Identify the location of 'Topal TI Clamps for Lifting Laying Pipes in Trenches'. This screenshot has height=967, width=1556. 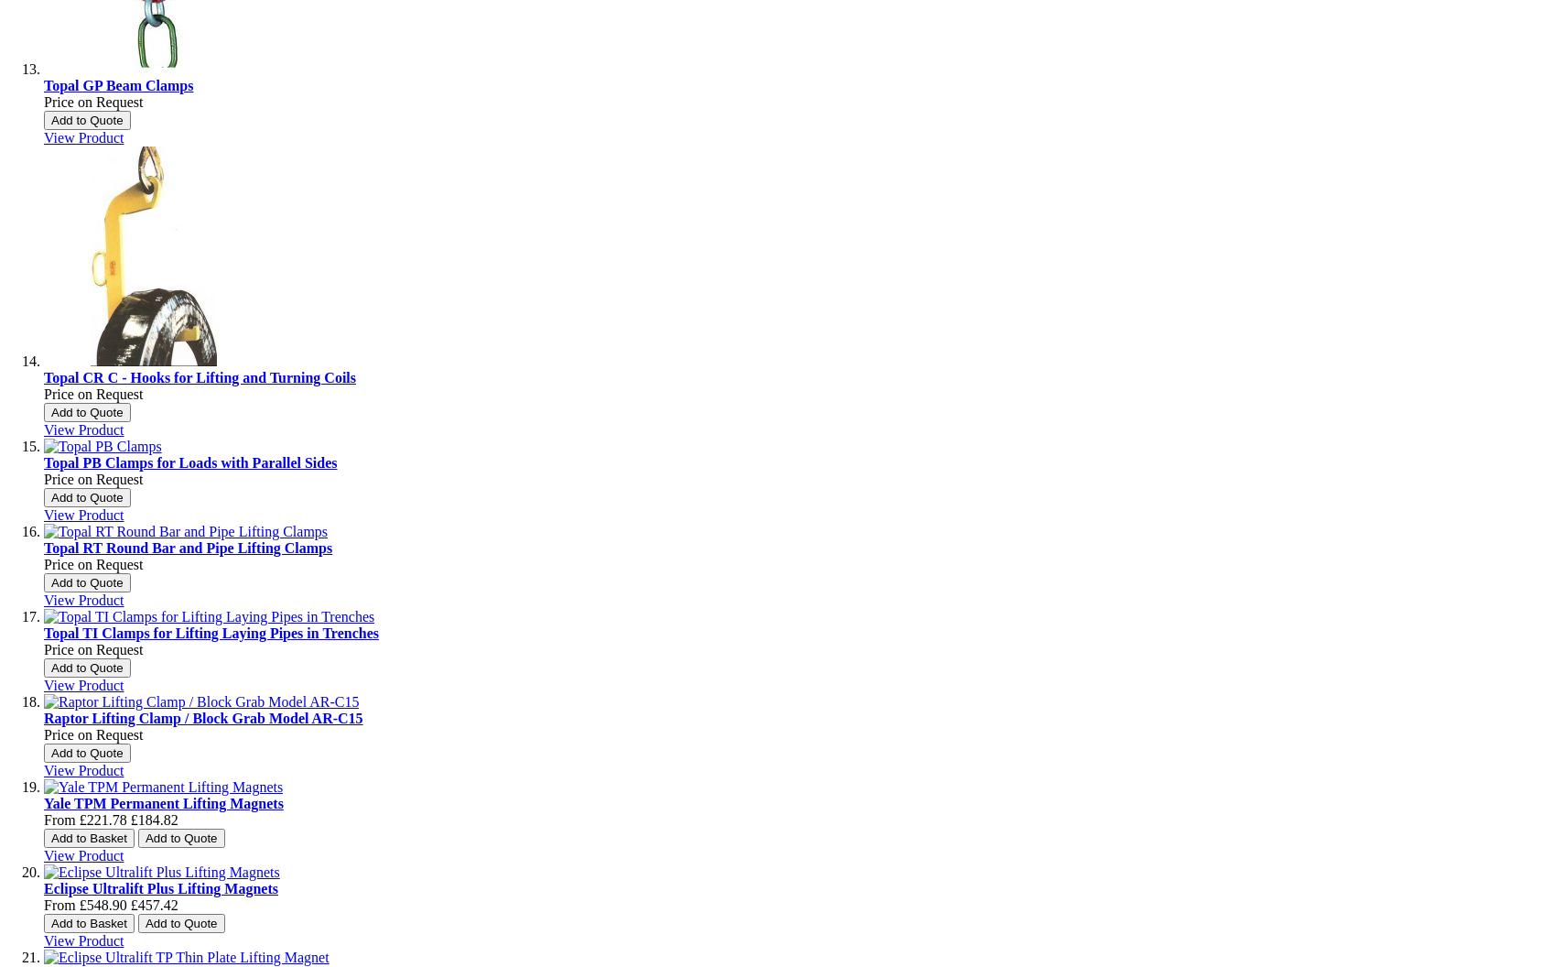
(43, 633).